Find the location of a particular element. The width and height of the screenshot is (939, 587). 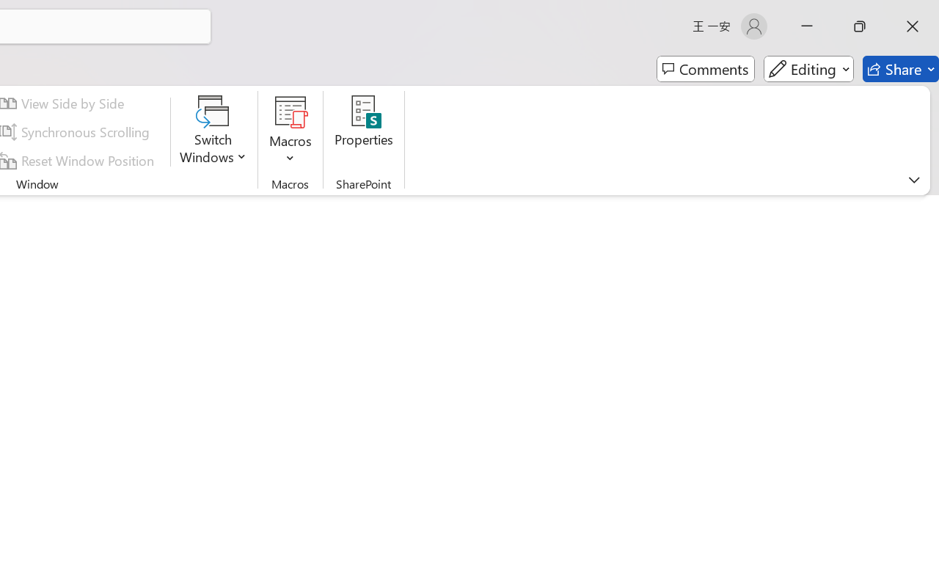

'Minimize' is located at coordinates (806, 26).